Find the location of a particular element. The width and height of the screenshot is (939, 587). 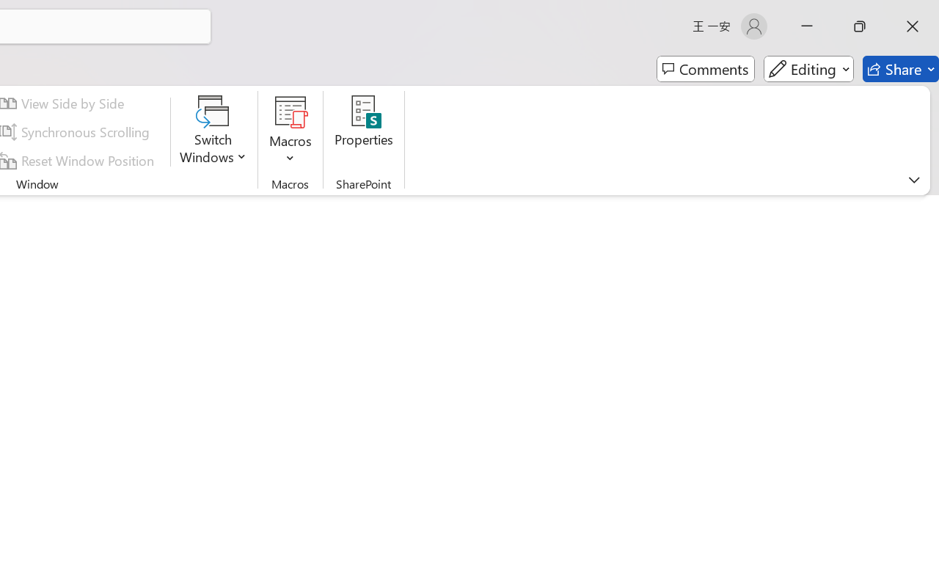

'Minimize' is located at coordinates (806, 26).